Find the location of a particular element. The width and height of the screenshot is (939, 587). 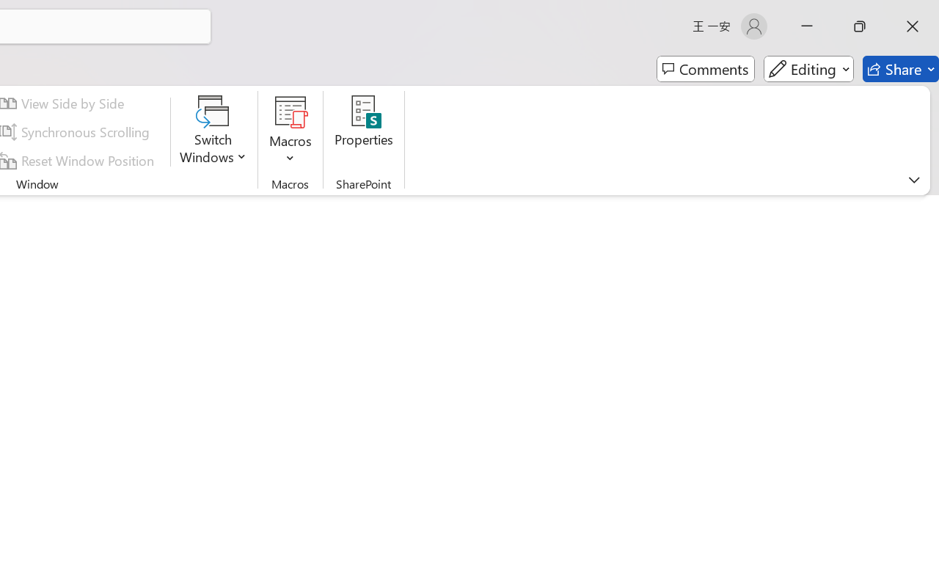

'Minimize' is located at coordinates (806, 26).